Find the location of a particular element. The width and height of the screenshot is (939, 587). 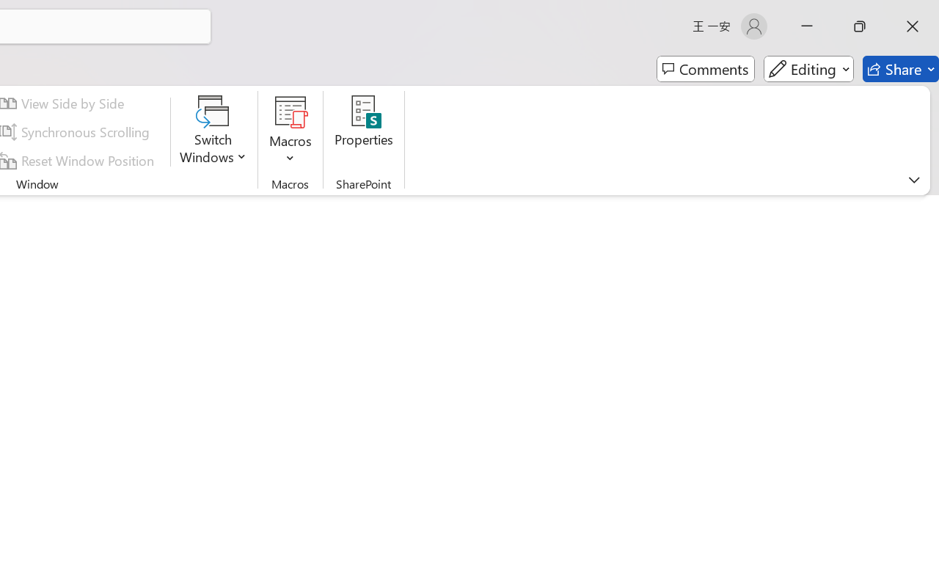

'Minimize' is located at coordinates (806, 26).